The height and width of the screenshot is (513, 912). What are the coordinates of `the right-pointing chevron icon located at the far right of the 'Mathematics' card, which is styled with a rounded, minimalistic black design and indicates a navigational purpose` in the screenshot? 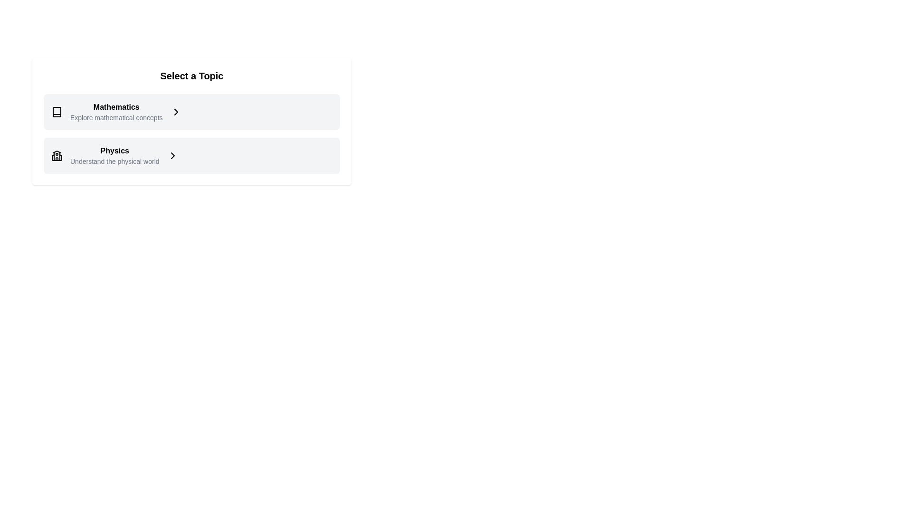 It's located at (176, 111).